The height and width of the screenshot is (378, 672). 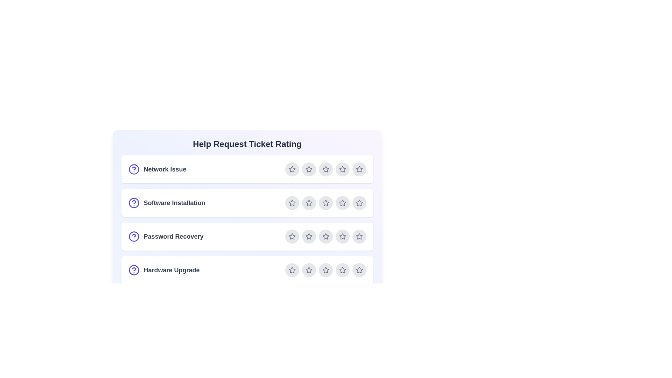 What do you see at coordinates (308, 169) in the screenshot?
I see `the star corresponding to 2 for the ticket Network Issue` at bounding box center [308, 169].